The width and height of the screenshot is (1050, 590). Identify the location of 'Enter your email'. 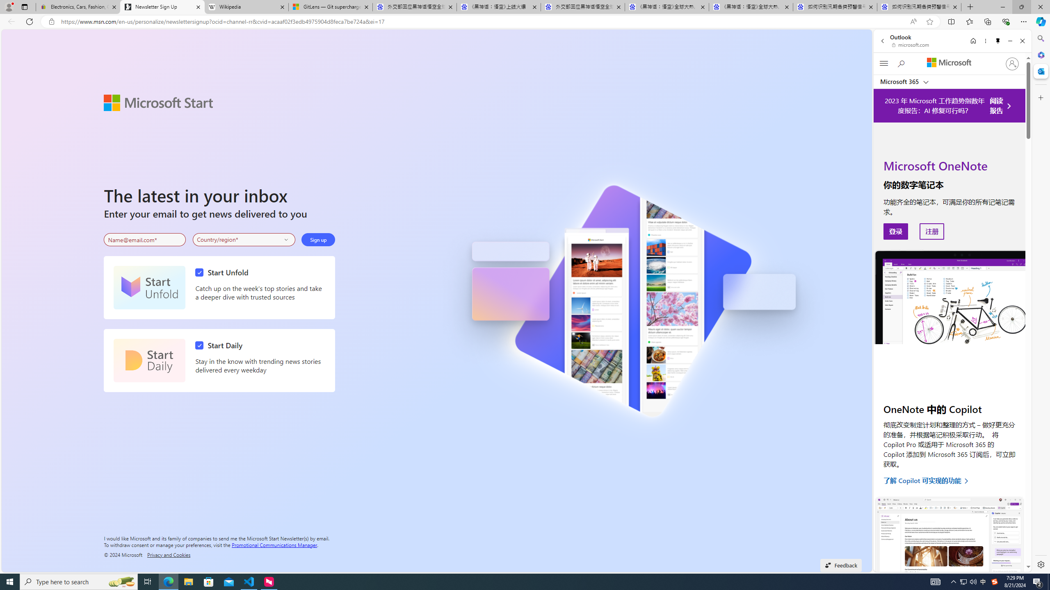
(144, 240).